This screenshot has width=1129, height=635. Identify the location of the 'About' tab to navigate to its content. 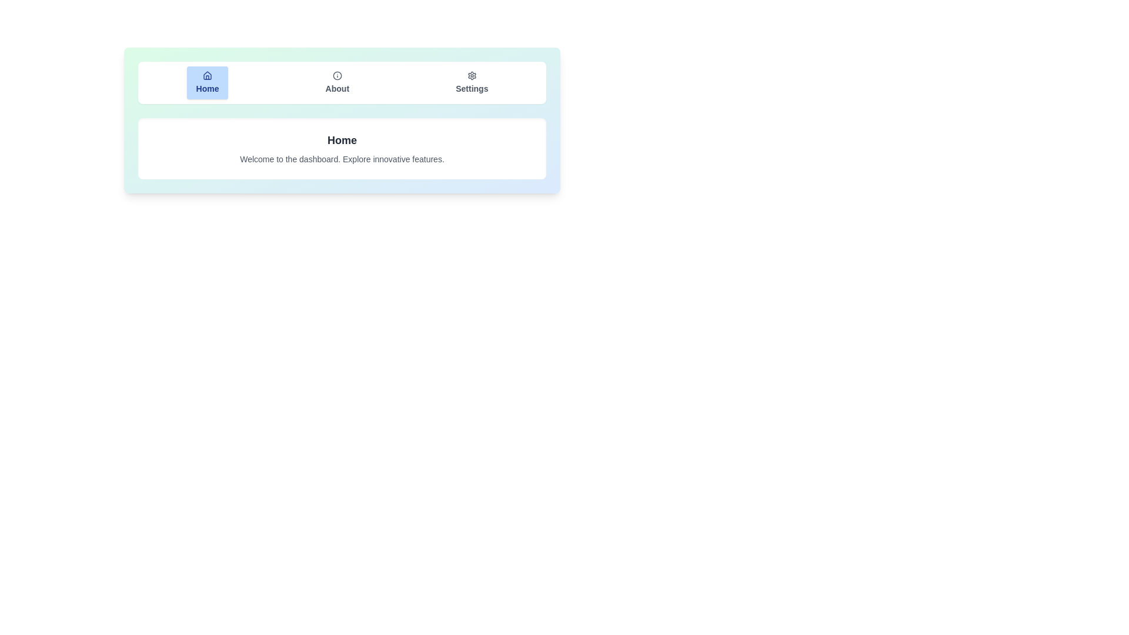
(336, 82).